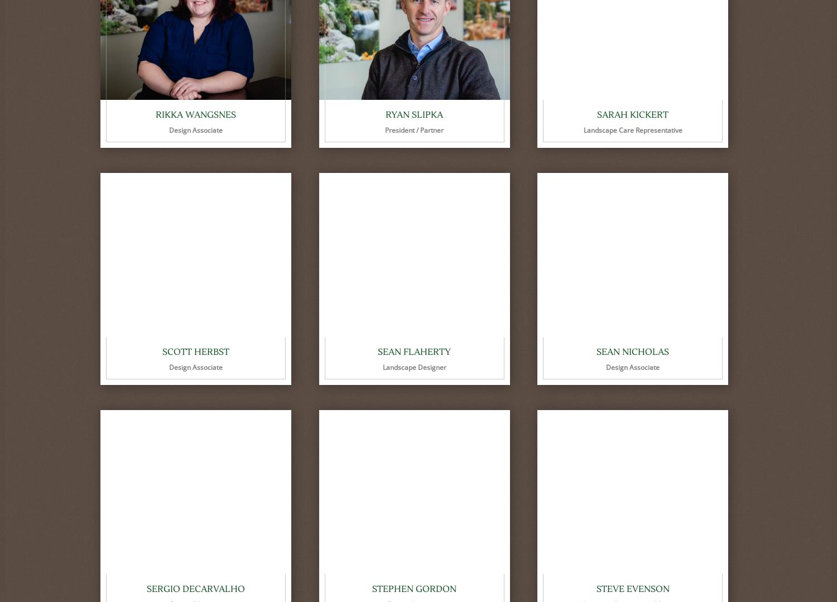 Image resolution: width=837 pixels, height=602 pixels. Describe the element at coordinates (583, 129) in the screenshot. I see `'Landscape Care Representative'` at that location.